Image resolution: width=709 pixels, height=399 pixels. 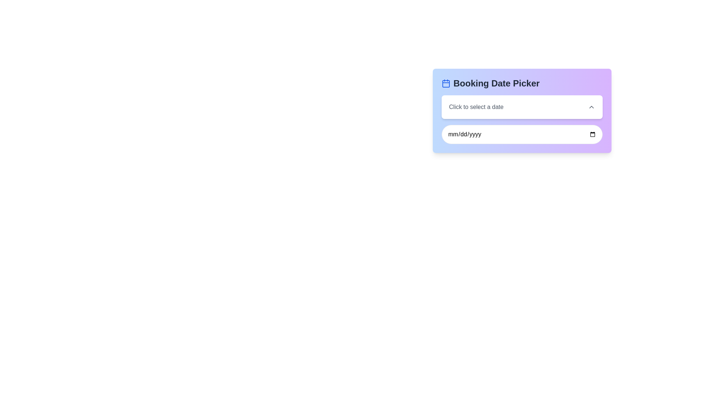 What do you see at coordinates (476, 107) in the screenshot?
I see `the Static Text Label that provides placeholder guidance for selecting a date, located in the left-central part of the date selection box` at bounding box center [476, 107].